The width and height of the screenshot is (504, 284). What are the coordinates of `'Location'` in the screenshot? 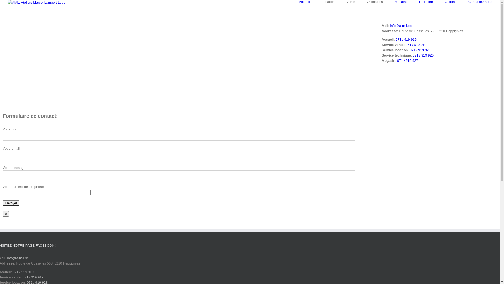 It's located at (328, 2).